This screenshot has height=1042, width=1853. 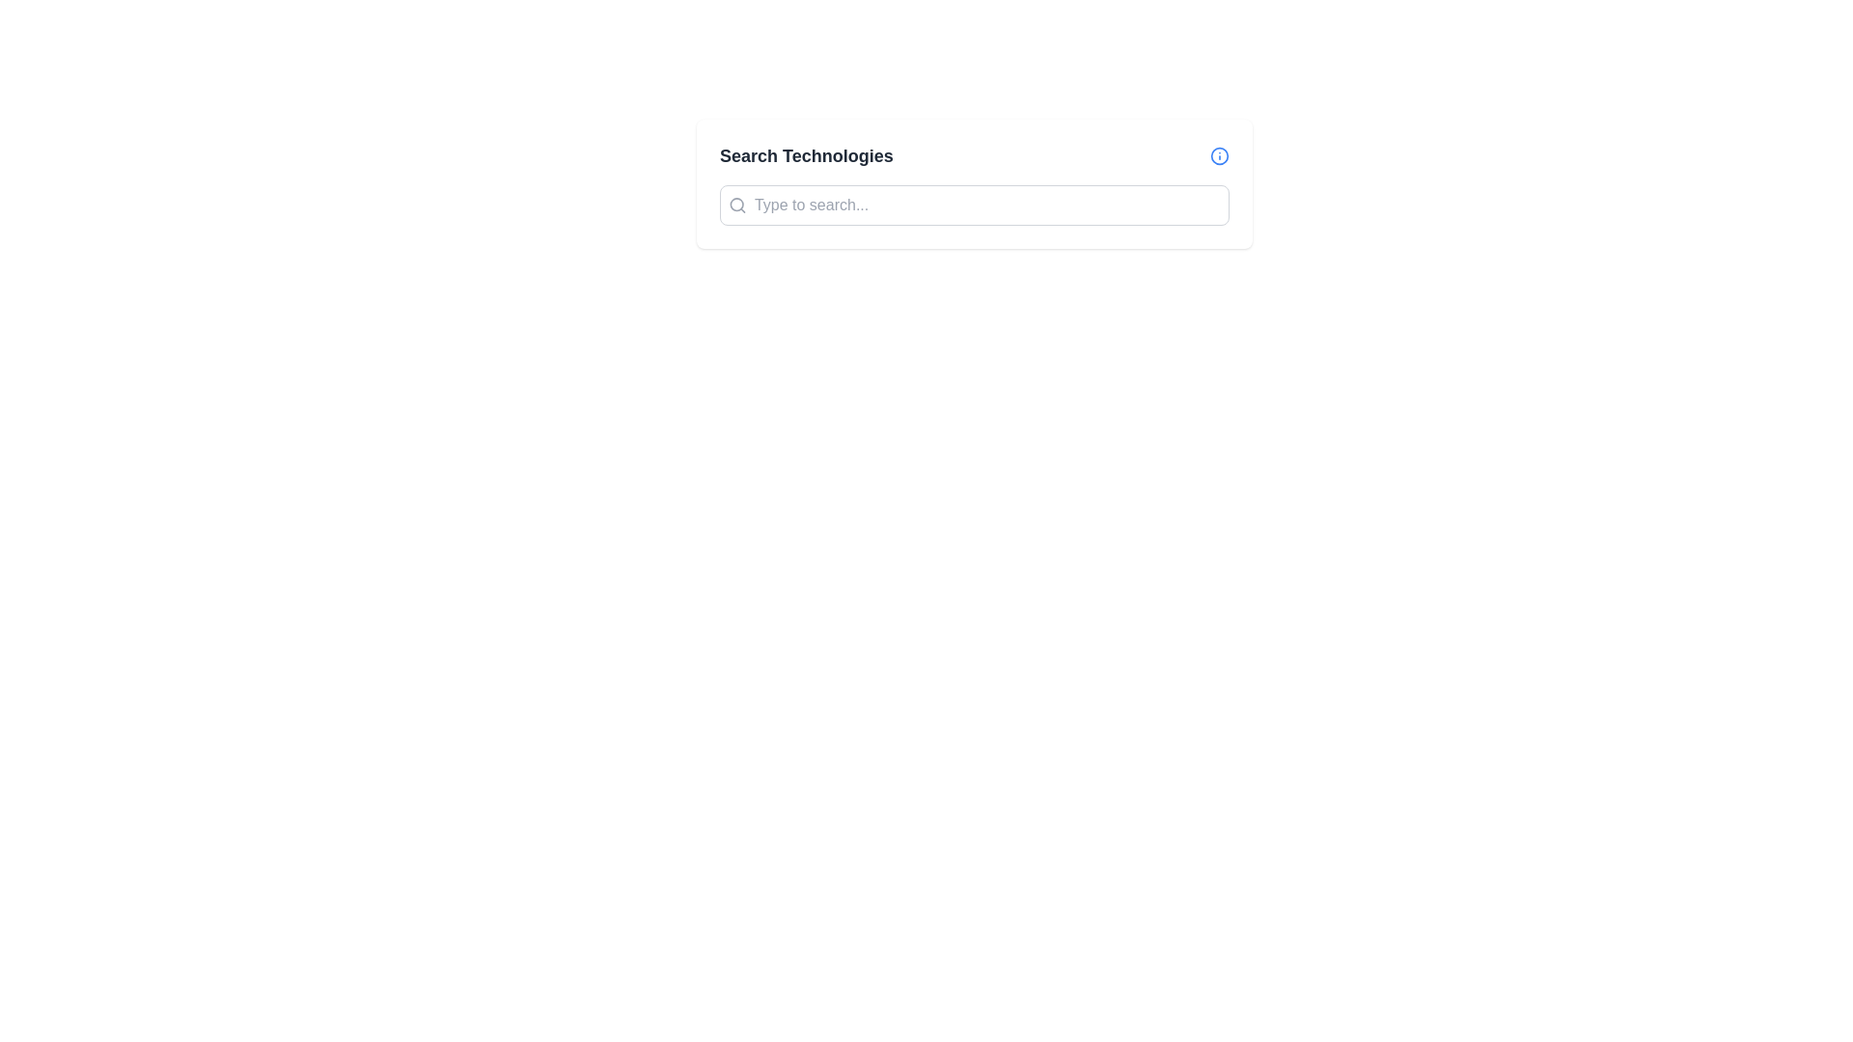 What do you see at coordinates (736, 205) in the screenshot?
I see `the search icon represented as a magnifying glass with a gray circular outline, located at the left side of the search bar` at bounding box center [736, 205].